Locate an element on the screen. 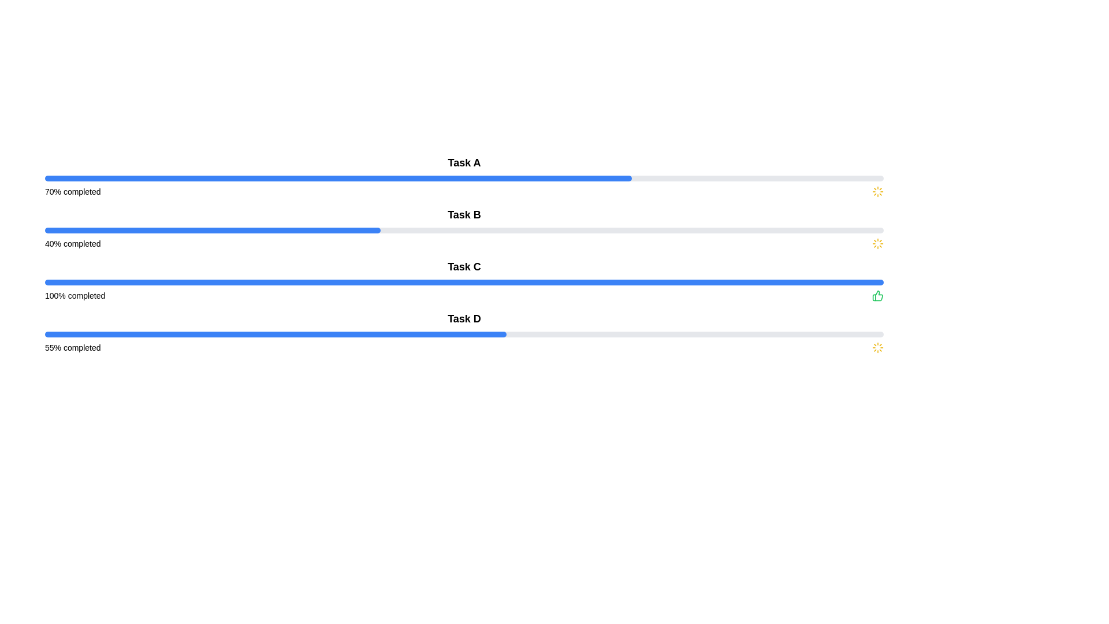  the progress bar indicating the completion of Task D, located below the text 'Task D' and above the label '55% completed' is located at coordinates (464, 334).